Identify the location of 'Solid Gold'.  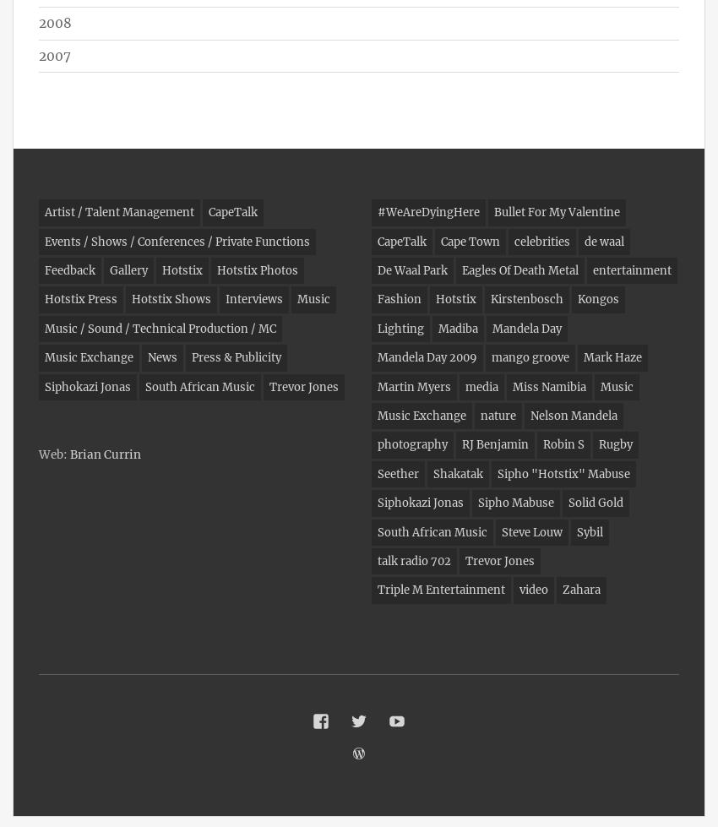
(568, 502).